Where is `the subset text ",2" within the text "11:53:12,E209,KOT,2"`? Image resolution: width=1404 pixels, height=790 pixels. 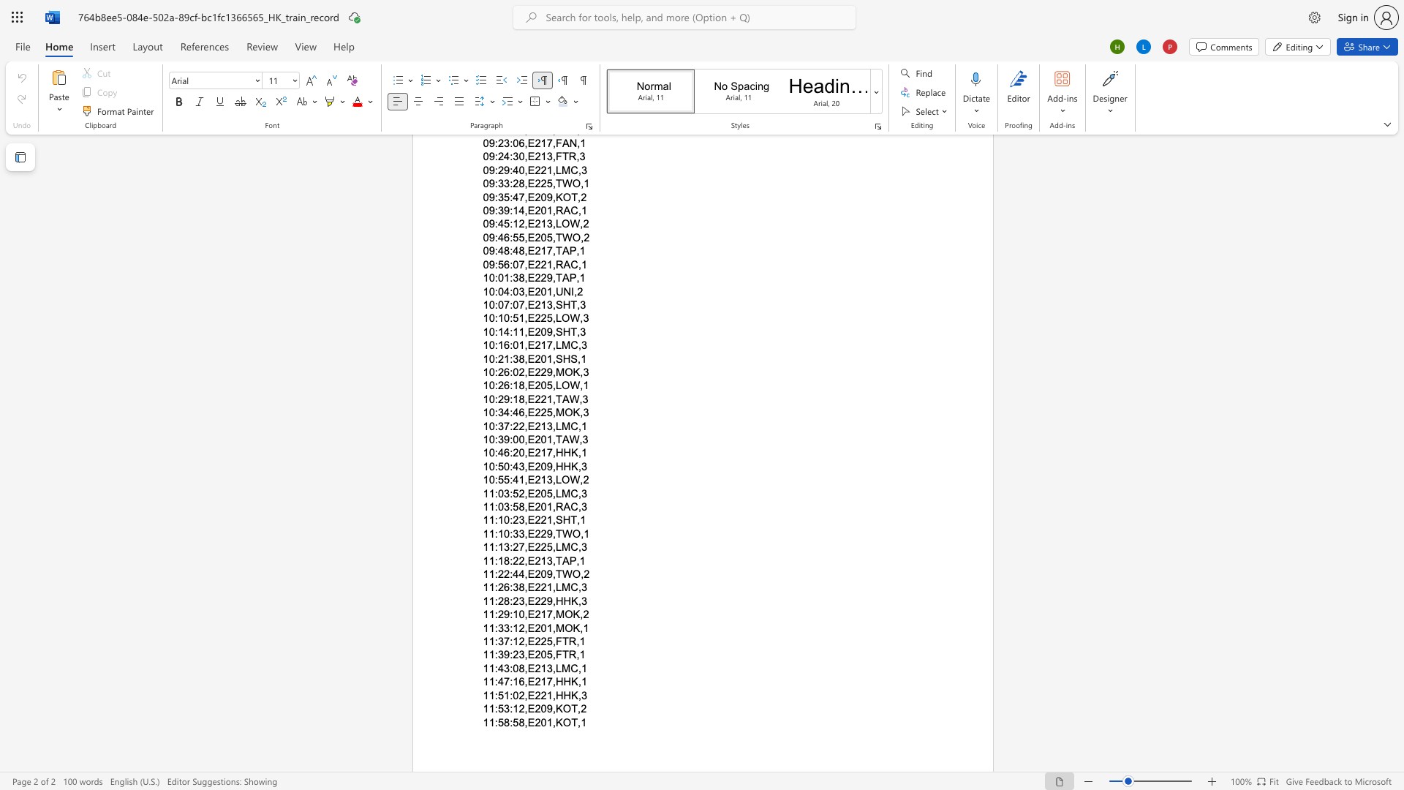 the subset text ",2" within the text "11:53:12,E209,KOT,2" is located at coordinates (577, 708).